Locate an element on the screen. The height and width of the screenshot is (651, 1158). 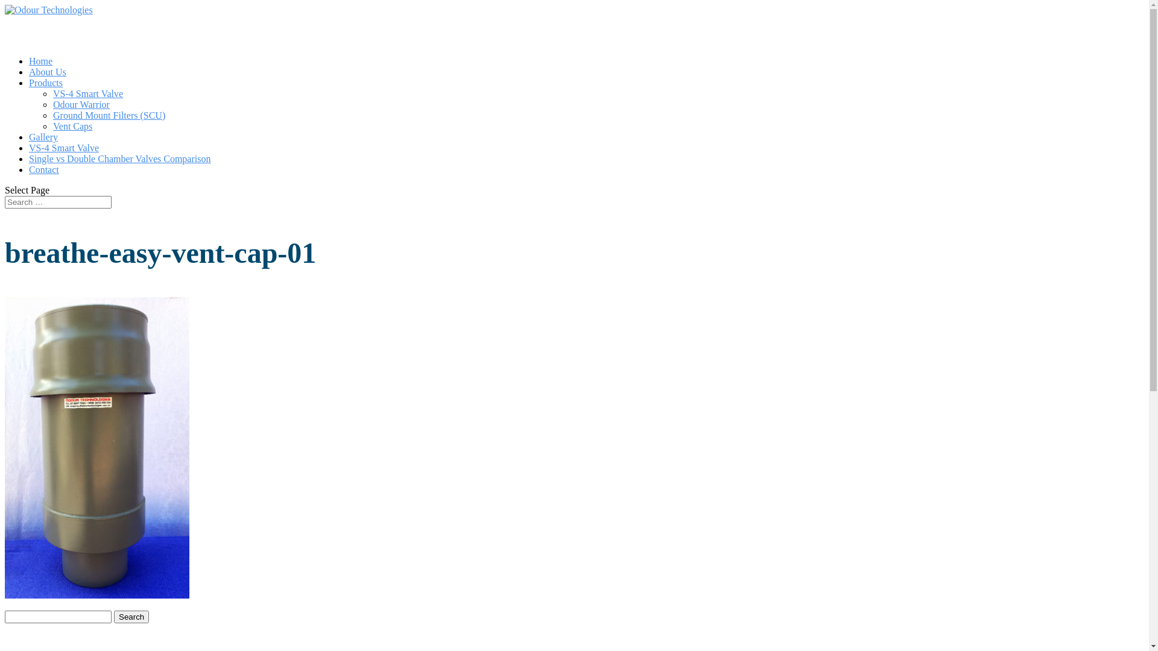
'VS-4 Smart Valve' is located at coordinates (63, 163).